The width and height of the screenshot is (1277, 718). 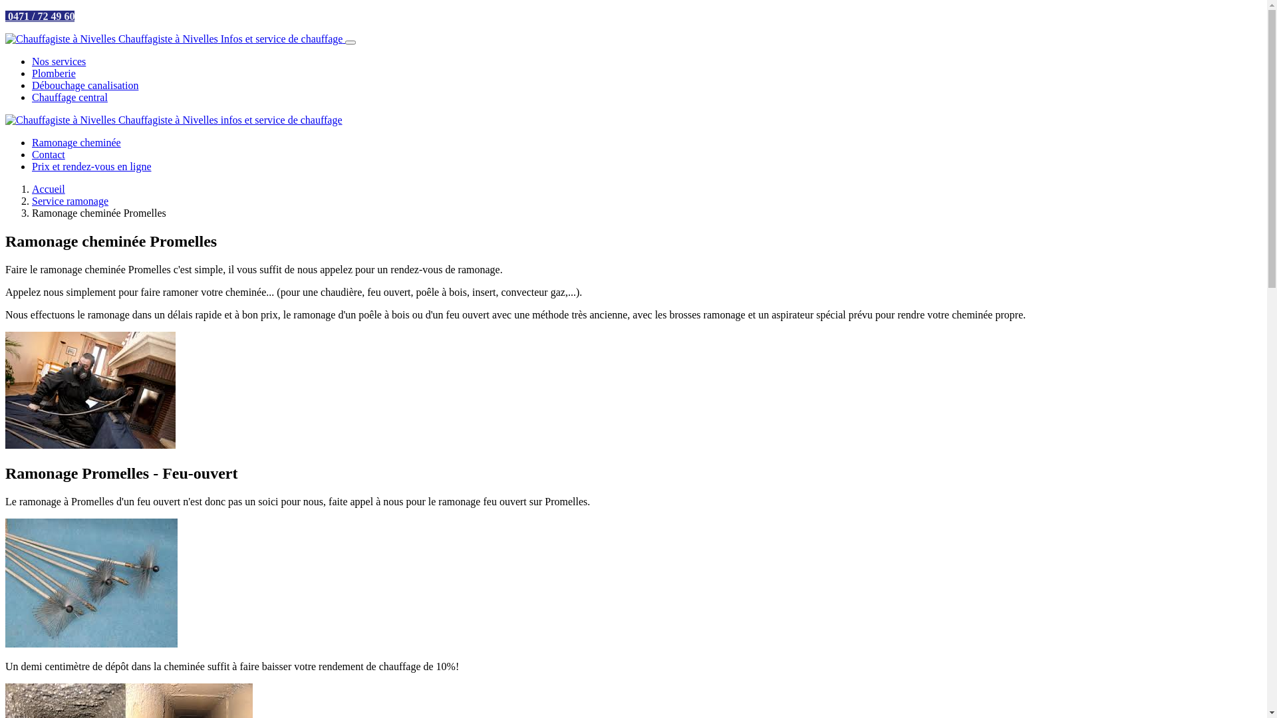 What do you see at coordinates (345, 42) in the screenshot?
I see `'BurgerMenu'` at bounding box center [345, 42].